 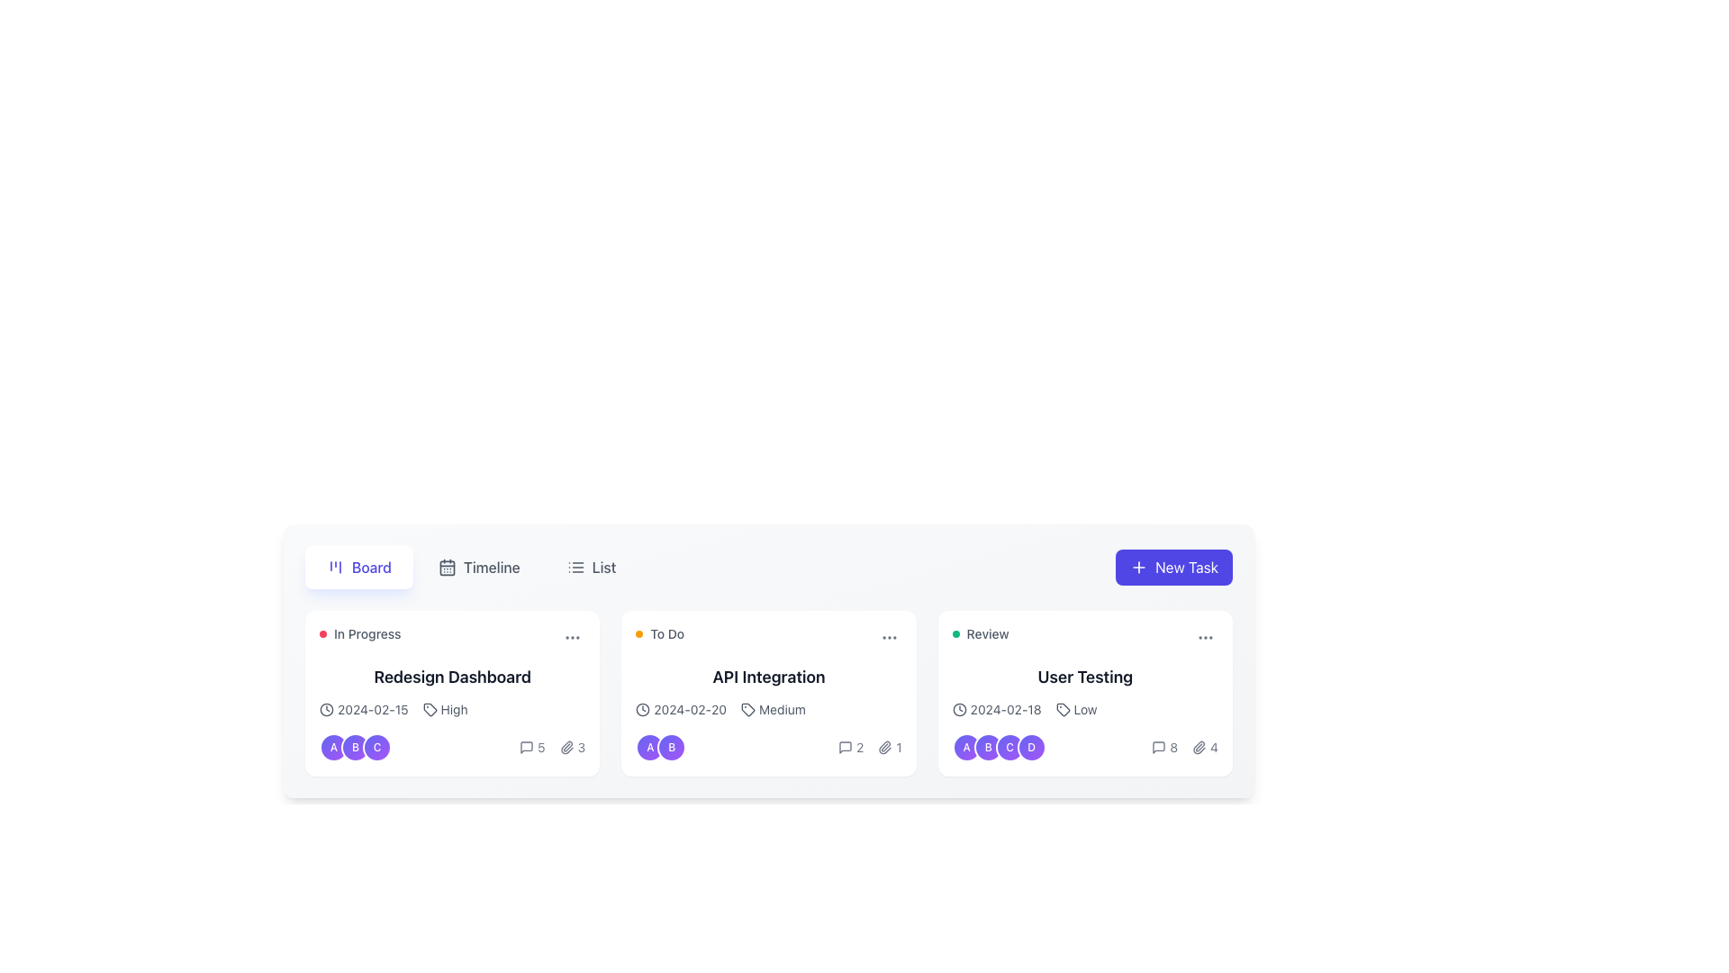 I want to click on the 'New Task' icon located at the upper-right section of the interface, which indicates the addition of a new task, so click(x=1138, y=566).